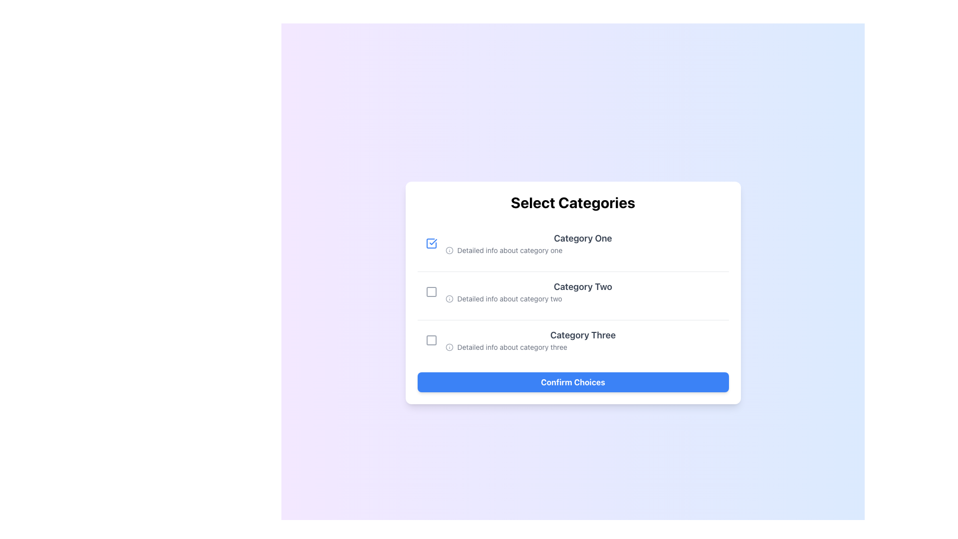  Describe the element at coordinates (431, 244) in the screenshot. I see `the checkbox for 'Category One'` at that location.